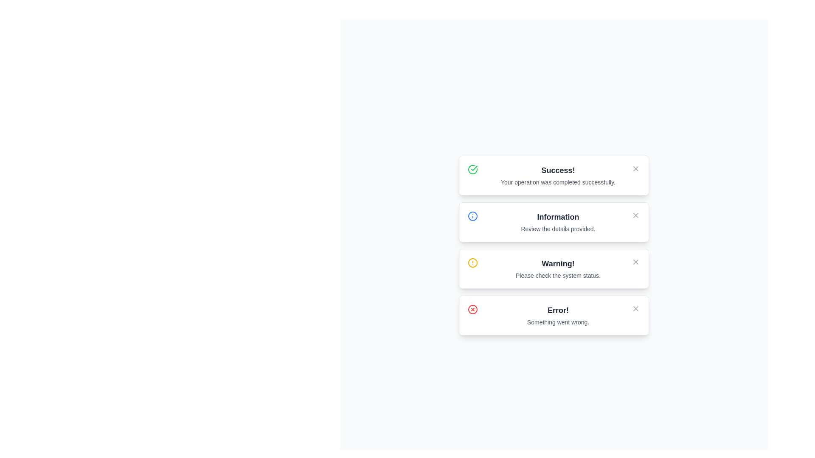 This screenshot has width=815, height=458. I want to click on the text label providing supplementary information for the 'Information' notification, located beneath the heading in the second card of the notification stack, so click(558, 229).